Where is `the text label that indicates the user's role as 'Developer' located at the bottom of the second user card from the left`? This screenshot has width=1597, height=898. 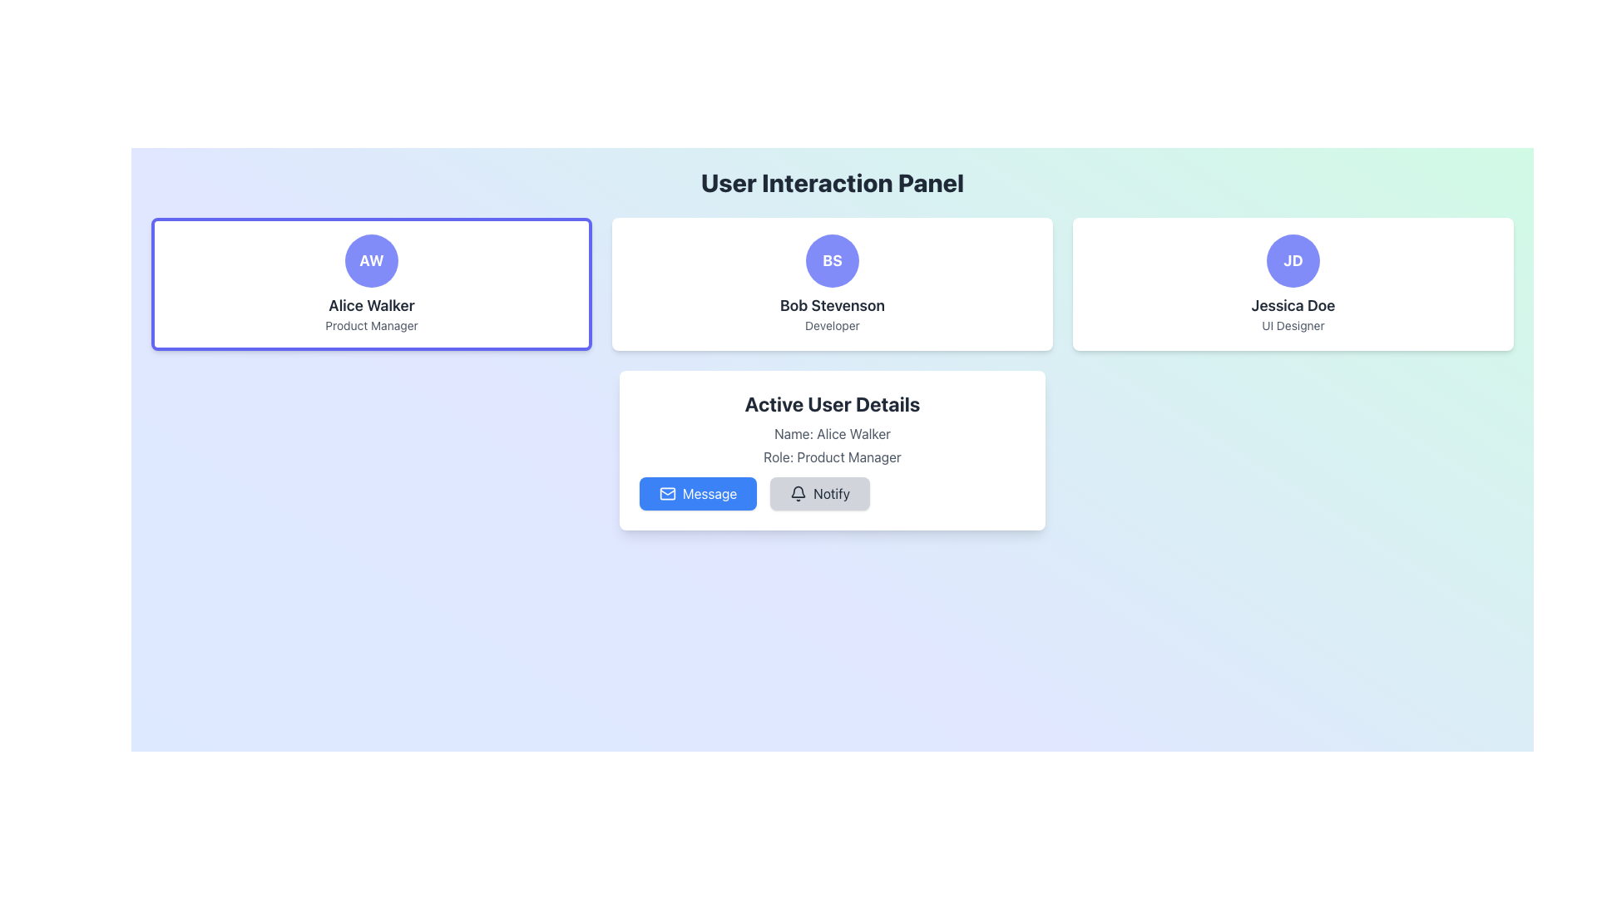
the text label that indicates the user's role as 'Developer' located at the bottom of the second user card from the left is located at coordinates (833, 326).